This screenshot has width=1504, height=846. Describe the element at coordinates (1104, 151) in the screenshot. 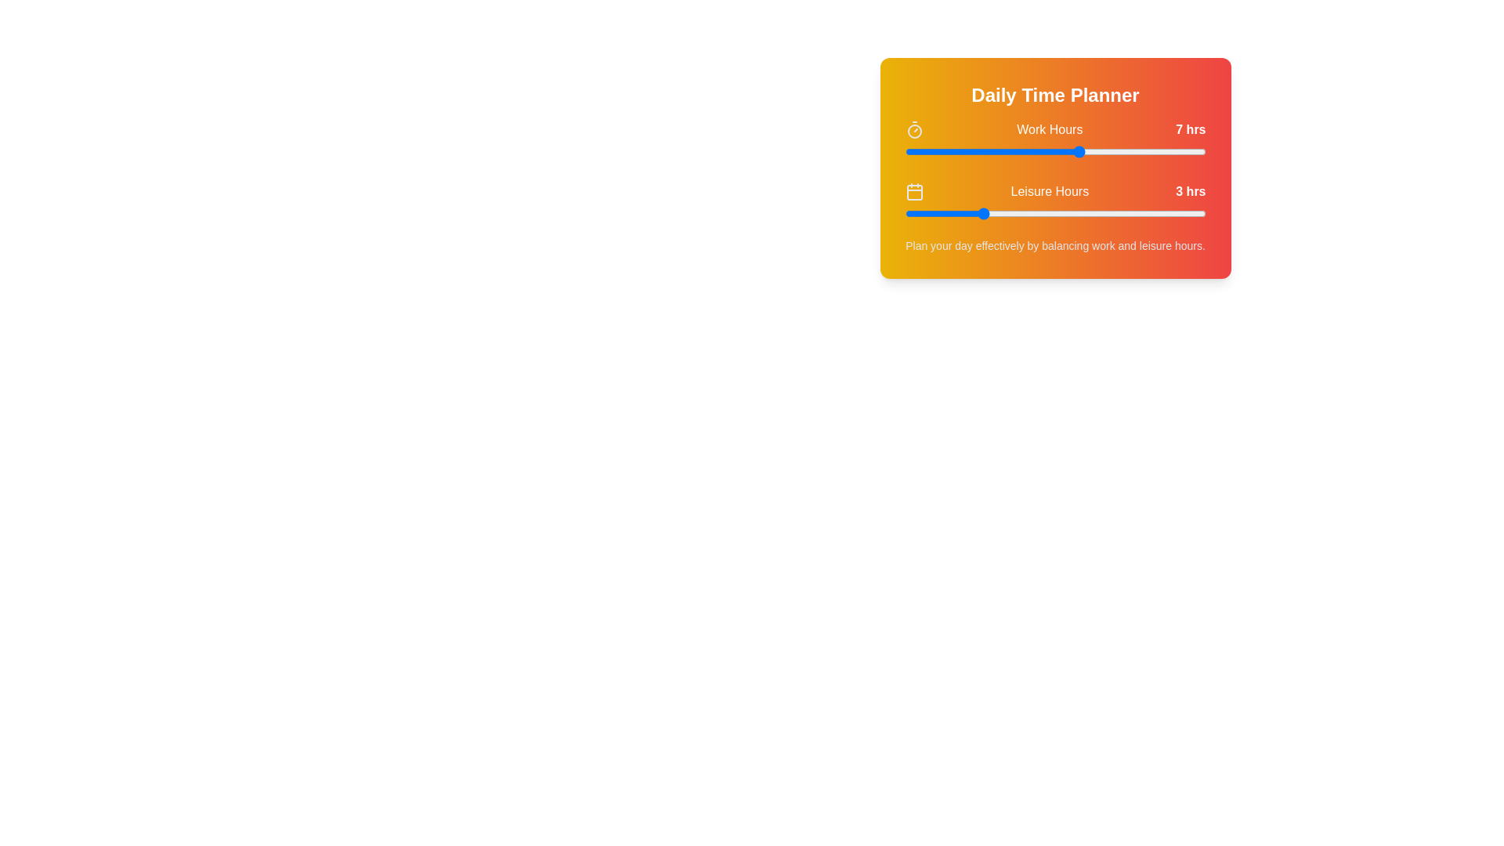

I see `work hours` at that location.